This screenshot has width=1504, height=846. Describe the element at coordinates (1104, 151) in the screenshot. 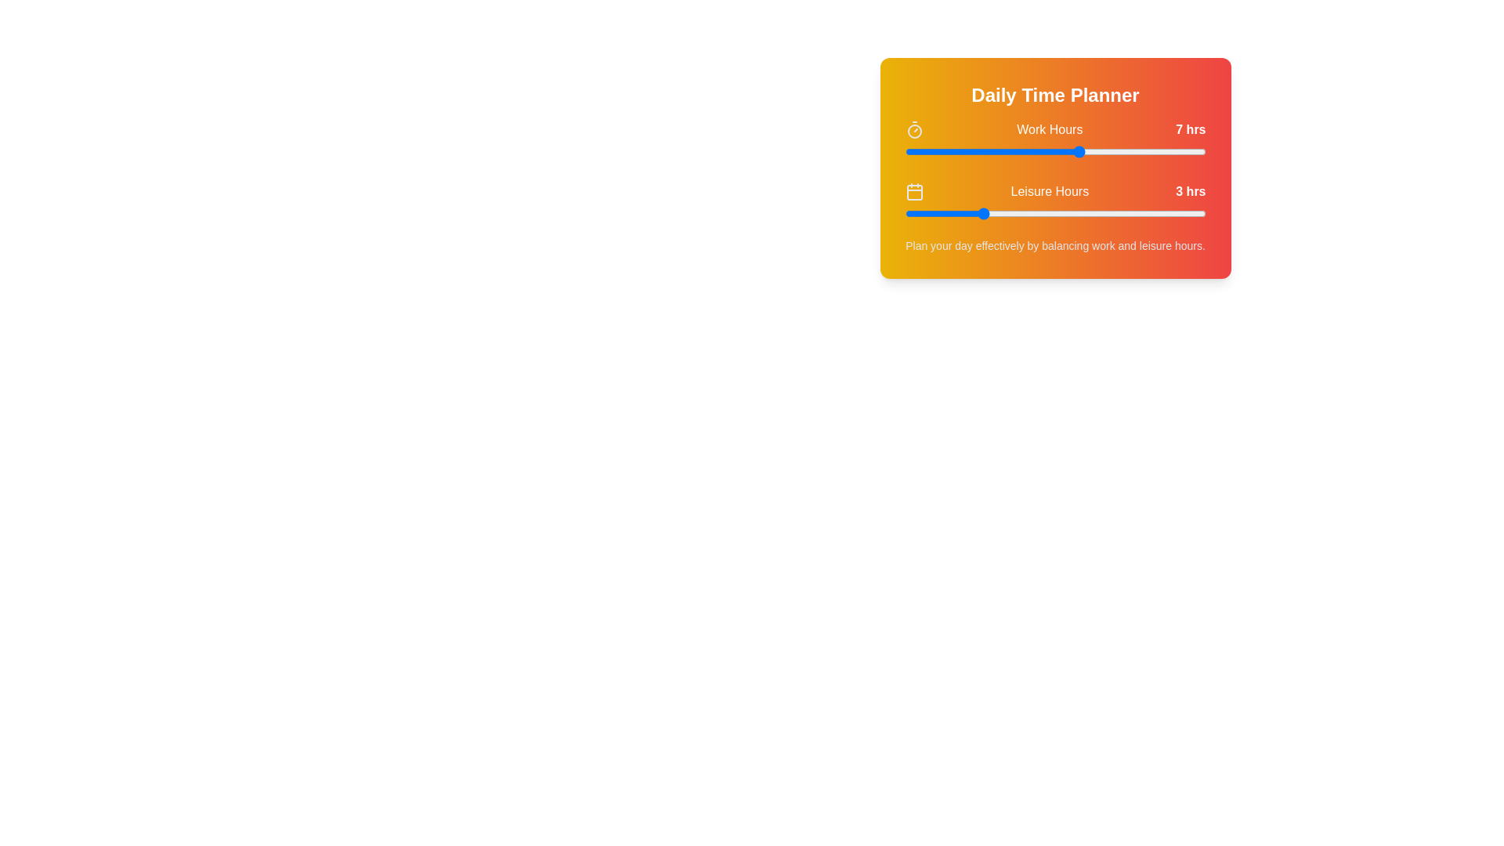

I see `work hours` at that location.